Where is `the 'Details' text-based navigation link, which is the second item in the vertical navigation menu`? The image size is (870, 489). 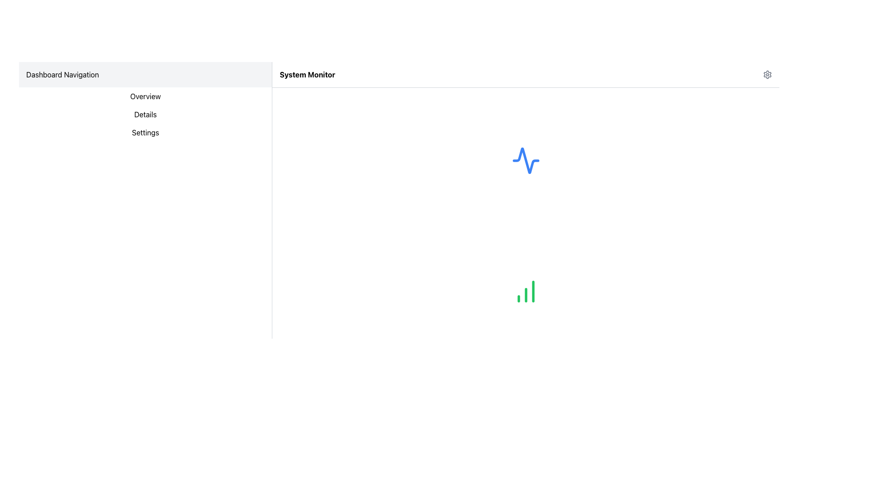 the 'Details' text-based navigation link, which is the second item in the vertical navigation menu is located at coordinates (145, 114).